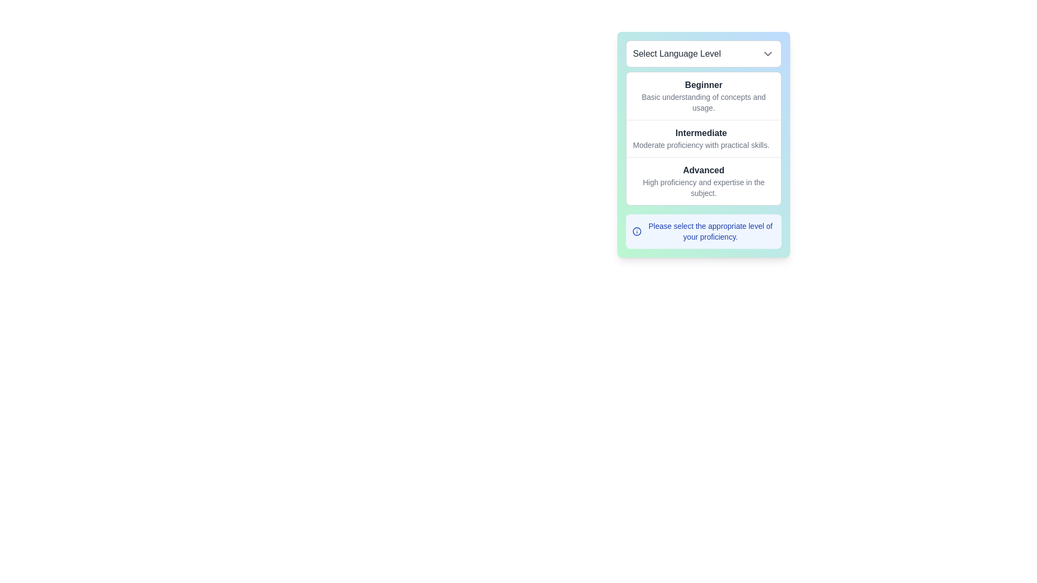 This screenshot has height=583, width=1037. Describe the element at coordinates (703, 95) in the screenshot. I see `the first selectable list item labeled 'Beginner' to trigger the hover effect` at that location.